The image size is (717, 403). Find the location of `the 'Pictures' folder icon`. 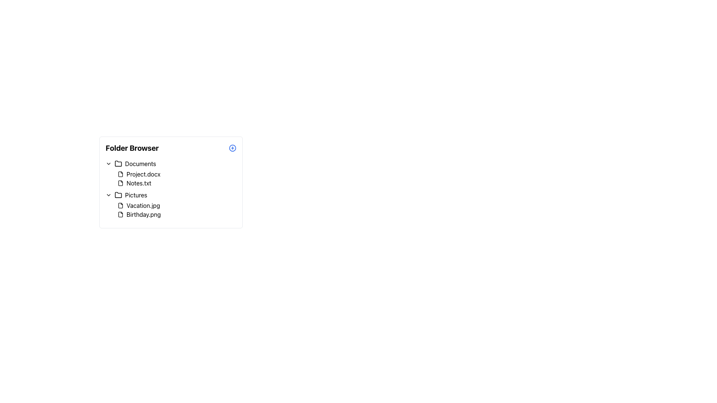

the 'Pictures' folder icon is located at coordinates (118, 194).